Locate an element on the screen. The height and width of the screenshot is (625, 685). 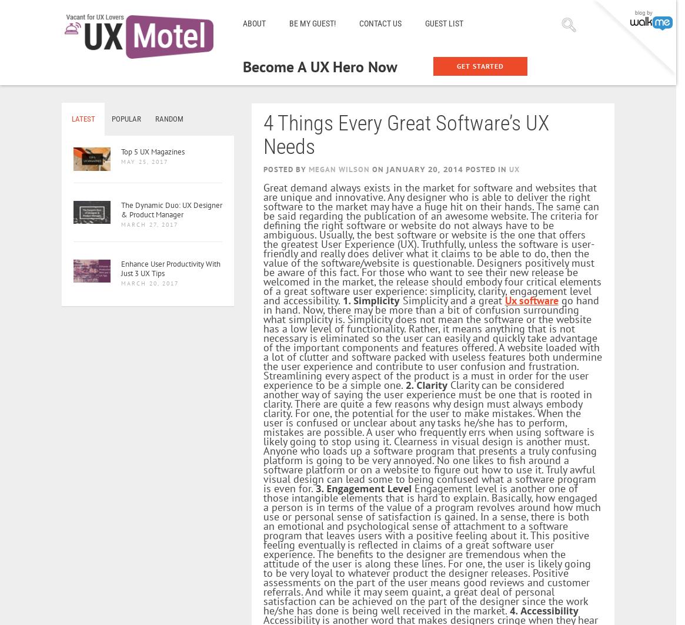
'Become a UX Hero Now' is located at coordinates (320, 66).